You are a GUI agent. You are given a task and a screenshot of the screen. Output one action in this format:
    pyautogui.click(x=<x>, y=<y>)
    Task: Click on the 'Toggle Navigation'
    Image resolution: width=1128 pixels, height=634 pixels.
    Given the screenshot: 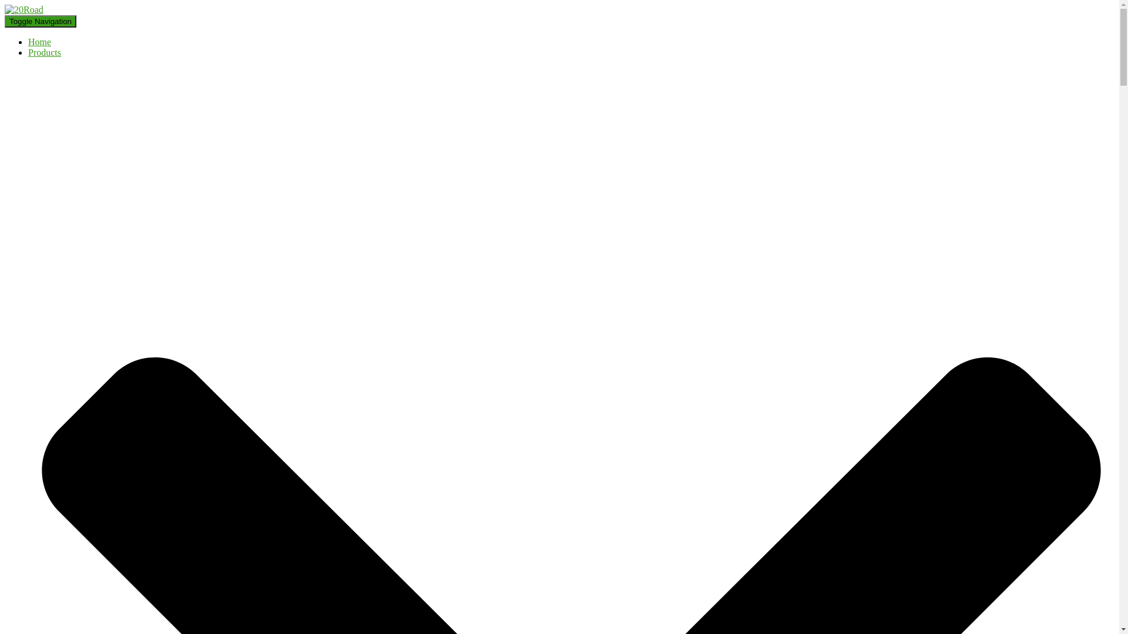 What is the action you would take?
    pyautogui.click(x=40, y=21)
    